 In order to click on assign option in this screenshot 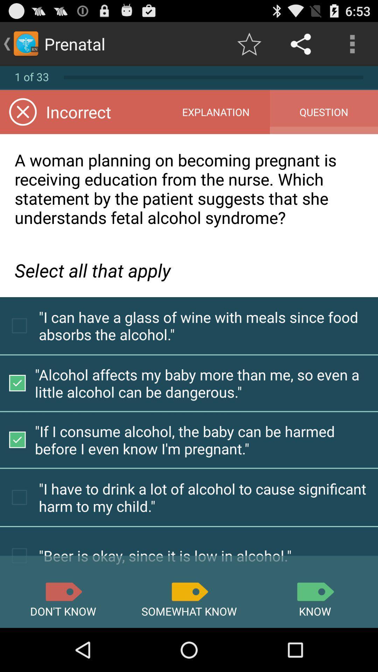, I will do `click(63, 591)`.